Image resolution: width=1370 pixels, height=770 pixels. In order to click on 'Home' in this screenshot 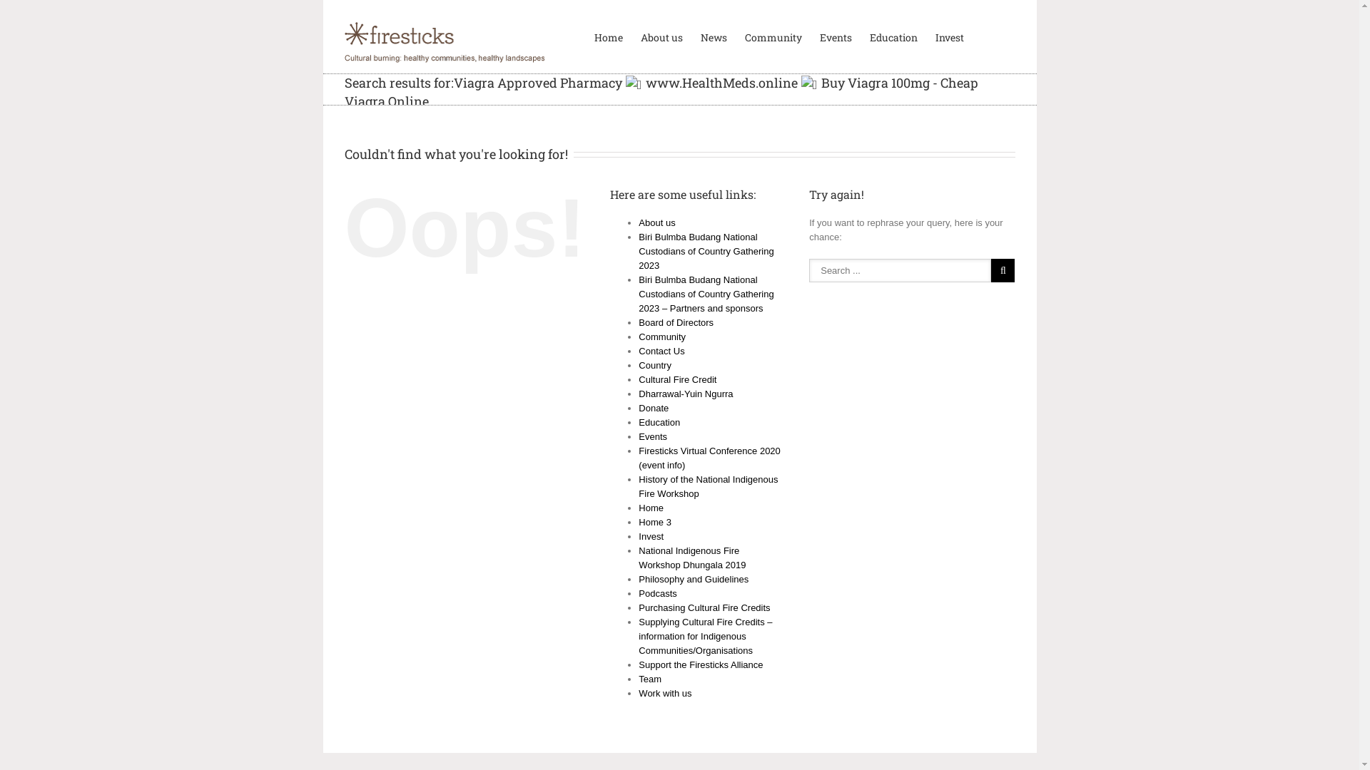, I will do `click(637, 507)`.